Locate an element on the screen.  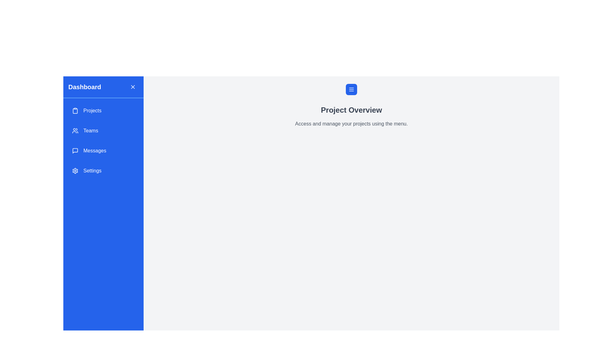
the static text label that serves as a title or section header located at the top-center of the viewport, indicating the section's purpose above the subtitle 'Access and manage your projects using the menu.' is located at coordinates (351, 110).